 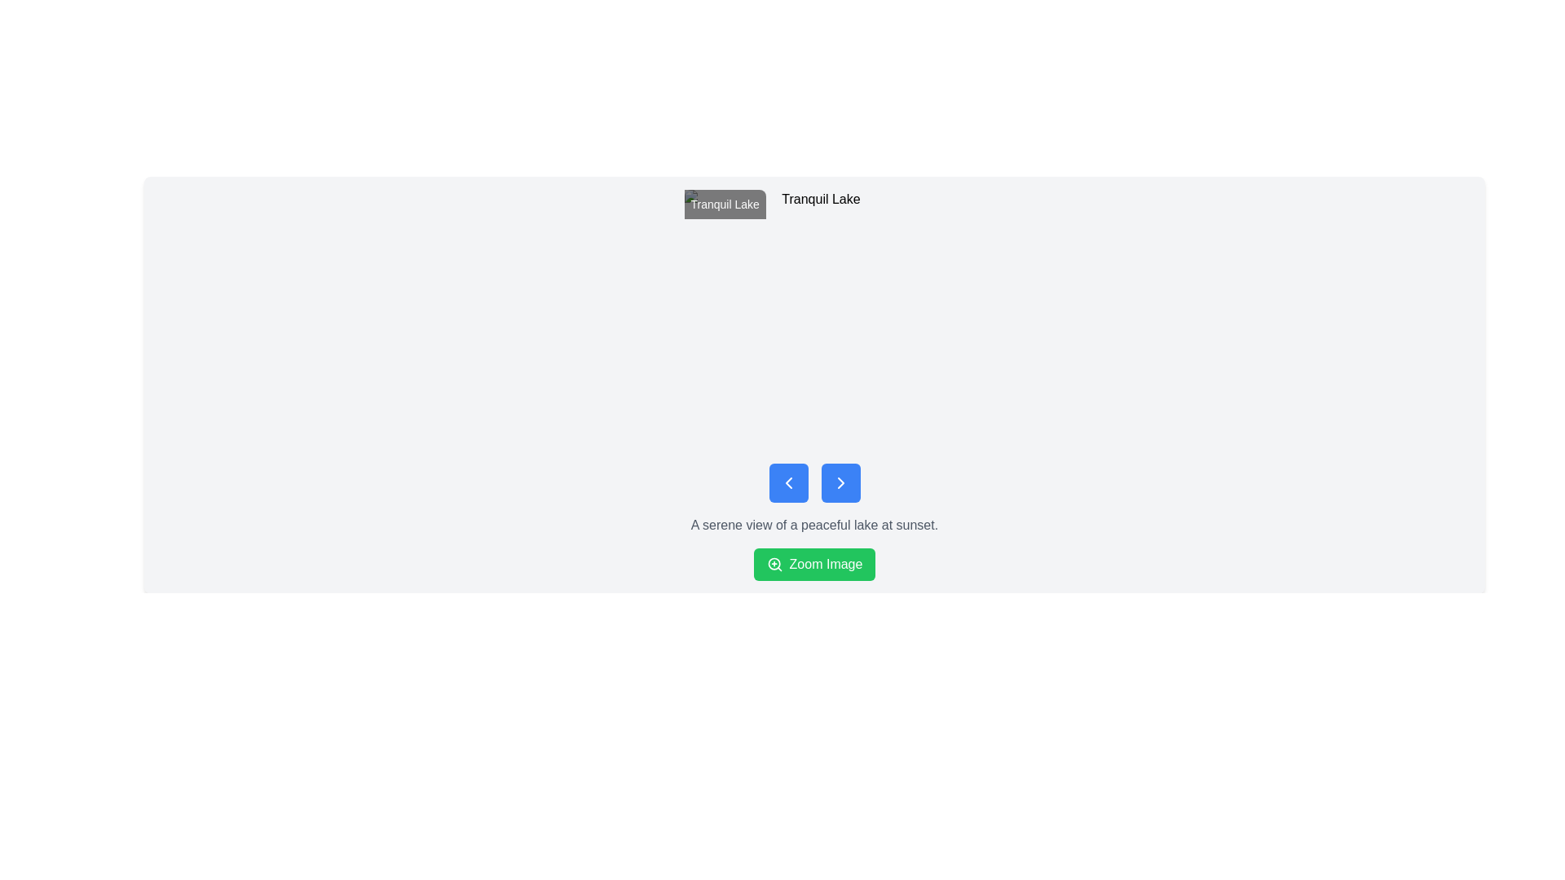 What do you see at coordinates (774, 564) in the screenshot?
I see `the 'Zoom Image' button which has a green background and a zoom-in icon` at bounding box center [774, 564].